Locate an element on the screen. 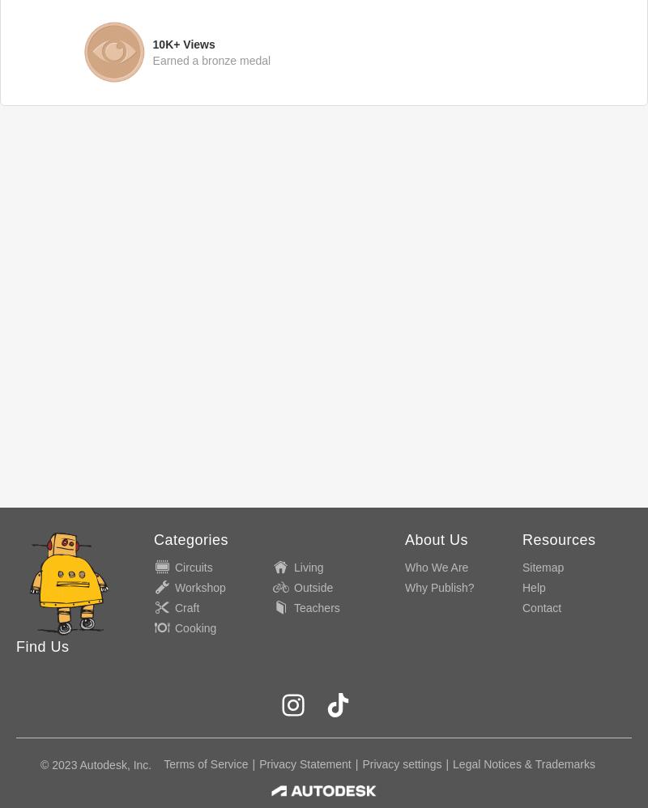  'Outside' is located at coordinates (293, 588).